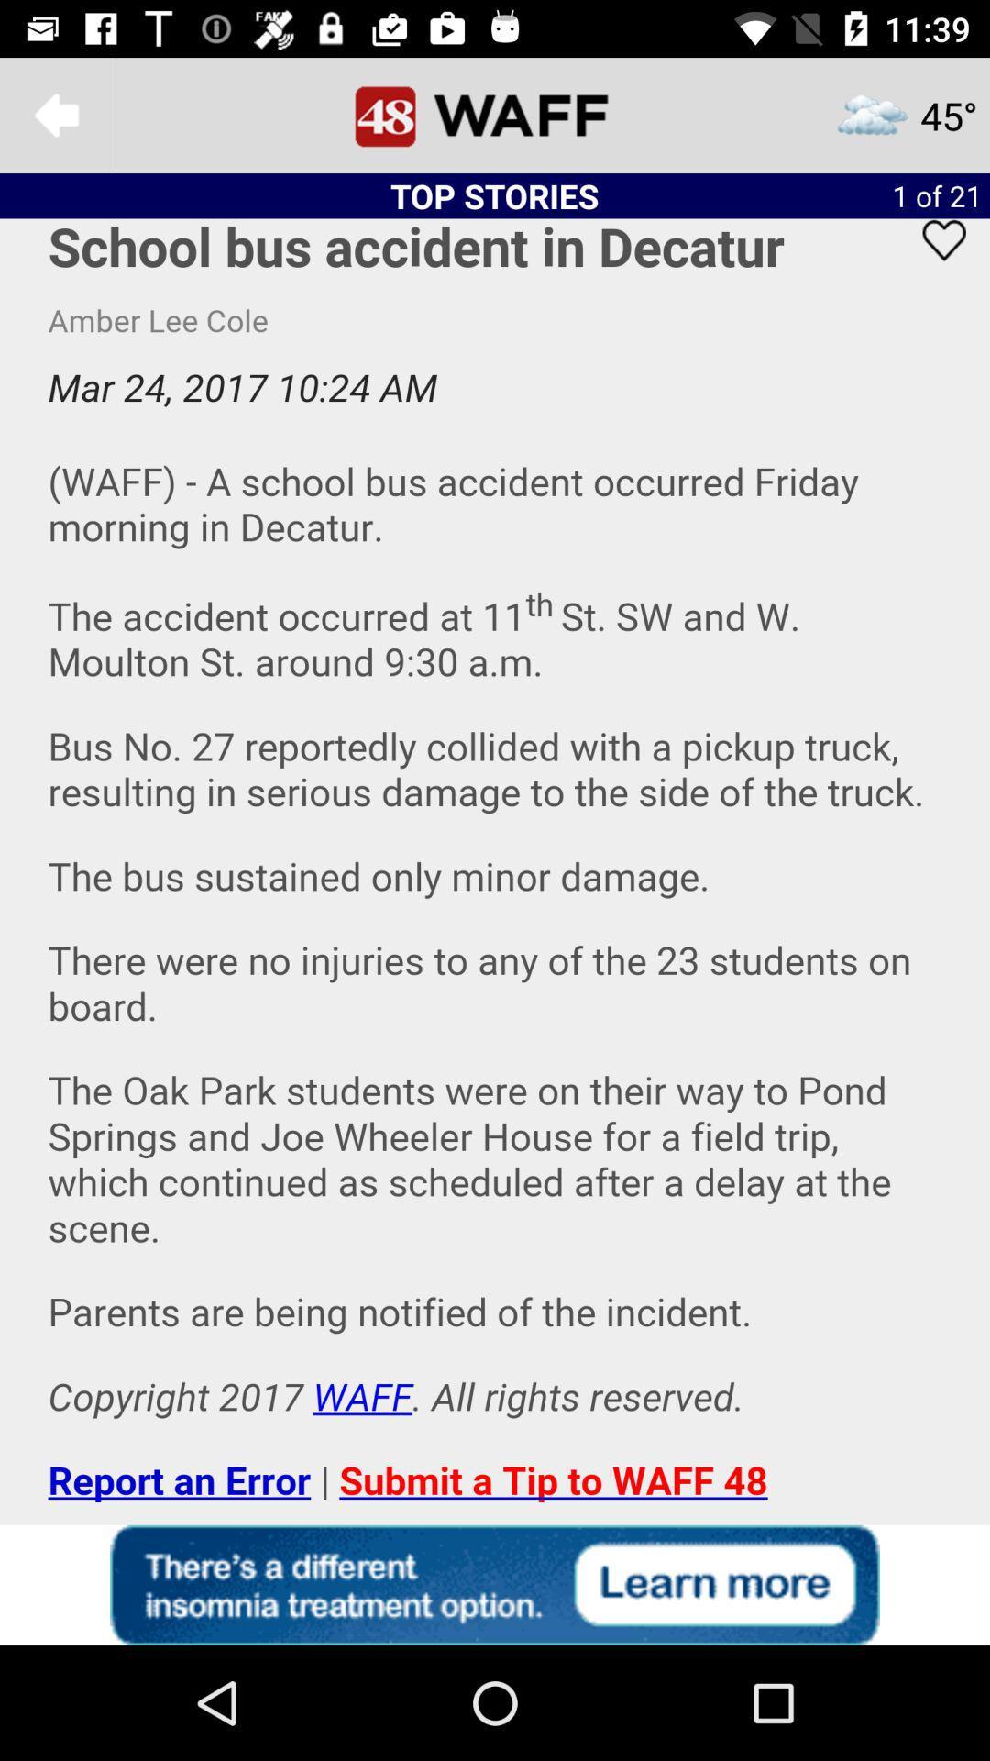  What do you see at coordinates (932, 263) in the screenshot?
I see `mark as favorite` at bounding box center [932, 263].